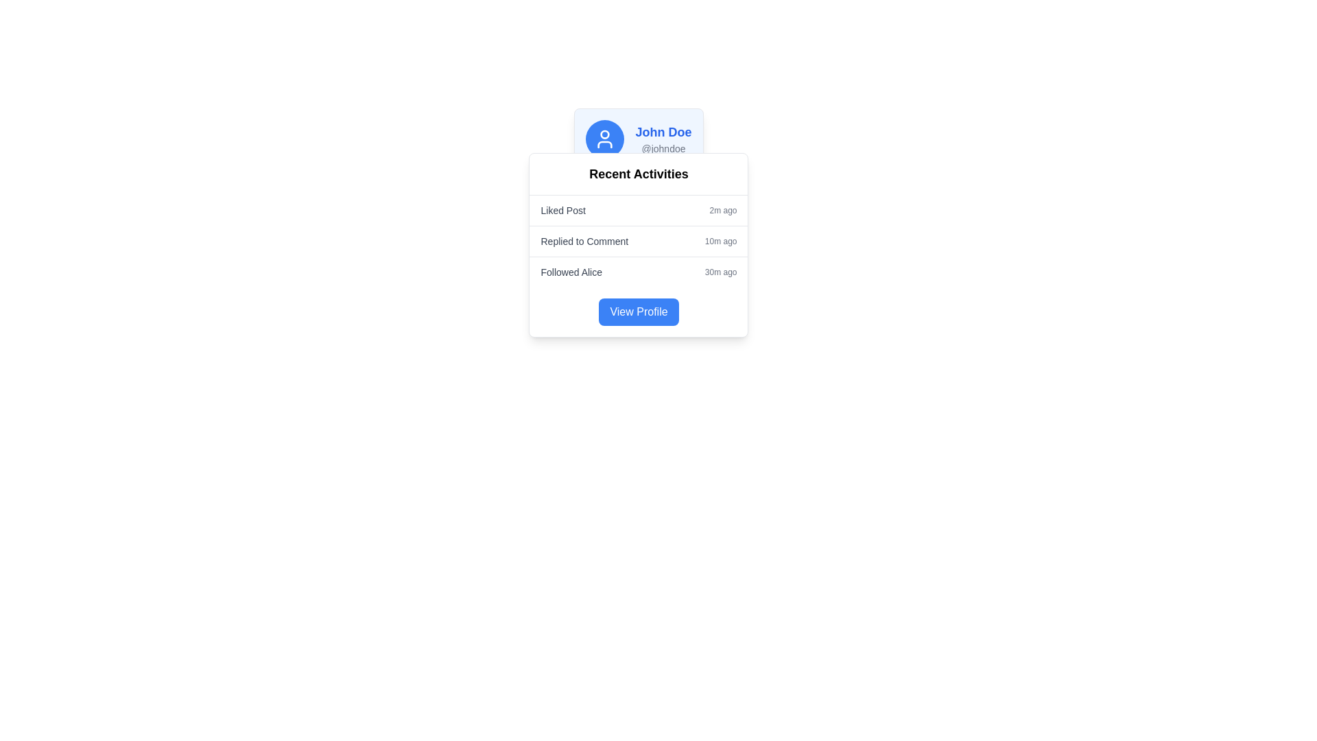 The image size is (1317, 741). I want to click on the 'Liked Post' list item in the Recent Activities section, which displays 'Liked Post' on the left and '2m ago' on the right, so click(638, 211).